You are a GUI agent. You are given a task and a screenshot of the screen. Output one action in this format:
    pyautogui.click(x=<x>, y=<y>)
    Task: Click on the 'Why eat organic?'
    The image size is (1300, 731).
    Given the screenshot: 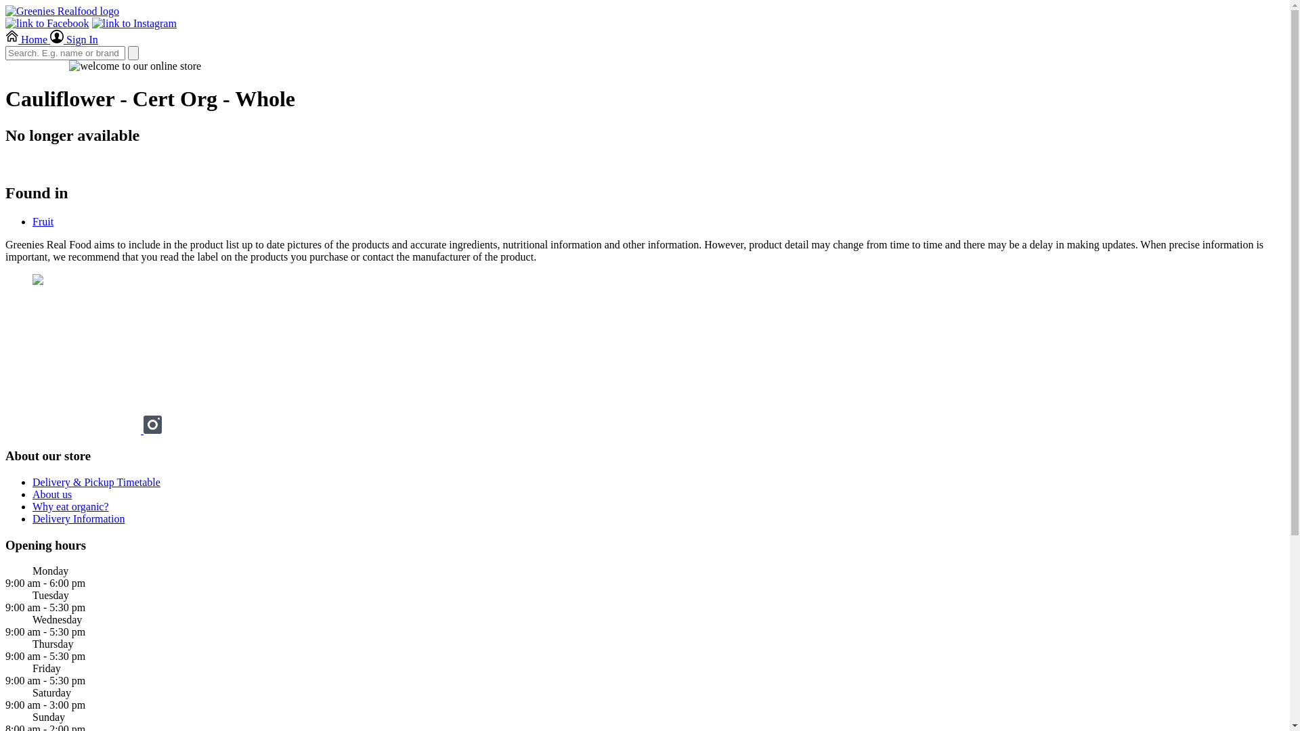 What is the action you would take?
    pyautogui.click(x=70, y=506)
    